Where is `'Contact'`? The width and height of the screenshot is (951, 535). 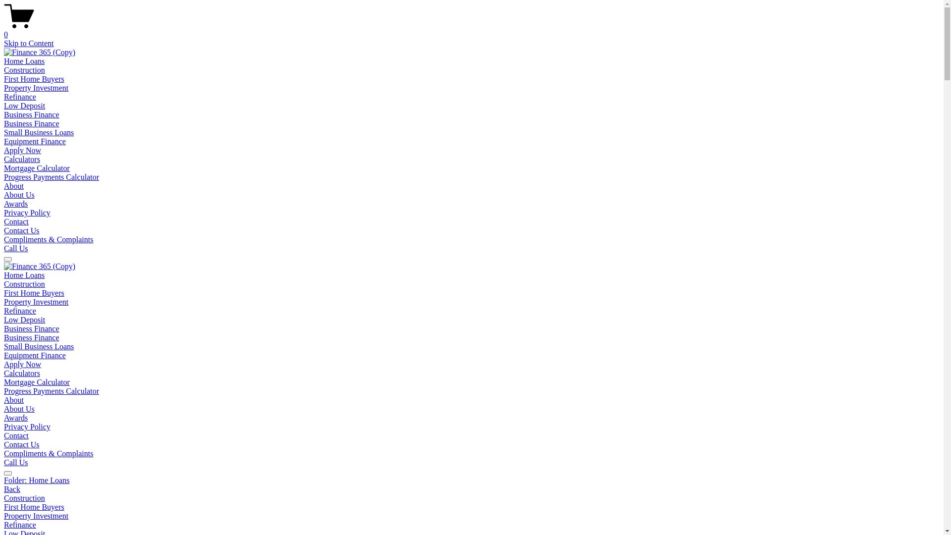
'Contact' is located at coordinates (16, 221).